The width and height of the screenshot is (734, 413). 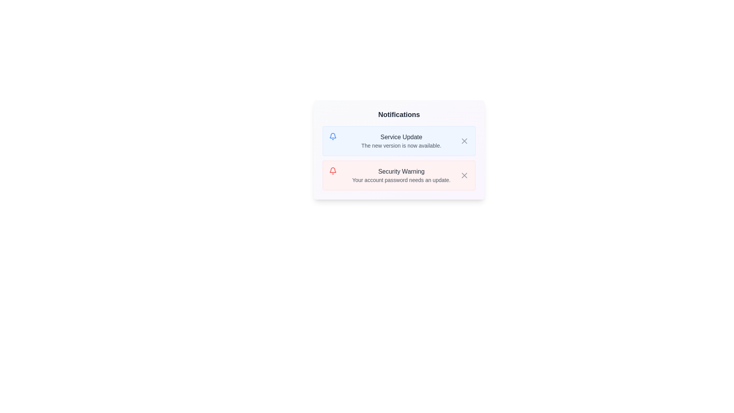 I want to click on the security-related warning text block that informs users about the need to update their account password, located within a notification card below the 'Service Update' notification, so click(x=401, y=176).